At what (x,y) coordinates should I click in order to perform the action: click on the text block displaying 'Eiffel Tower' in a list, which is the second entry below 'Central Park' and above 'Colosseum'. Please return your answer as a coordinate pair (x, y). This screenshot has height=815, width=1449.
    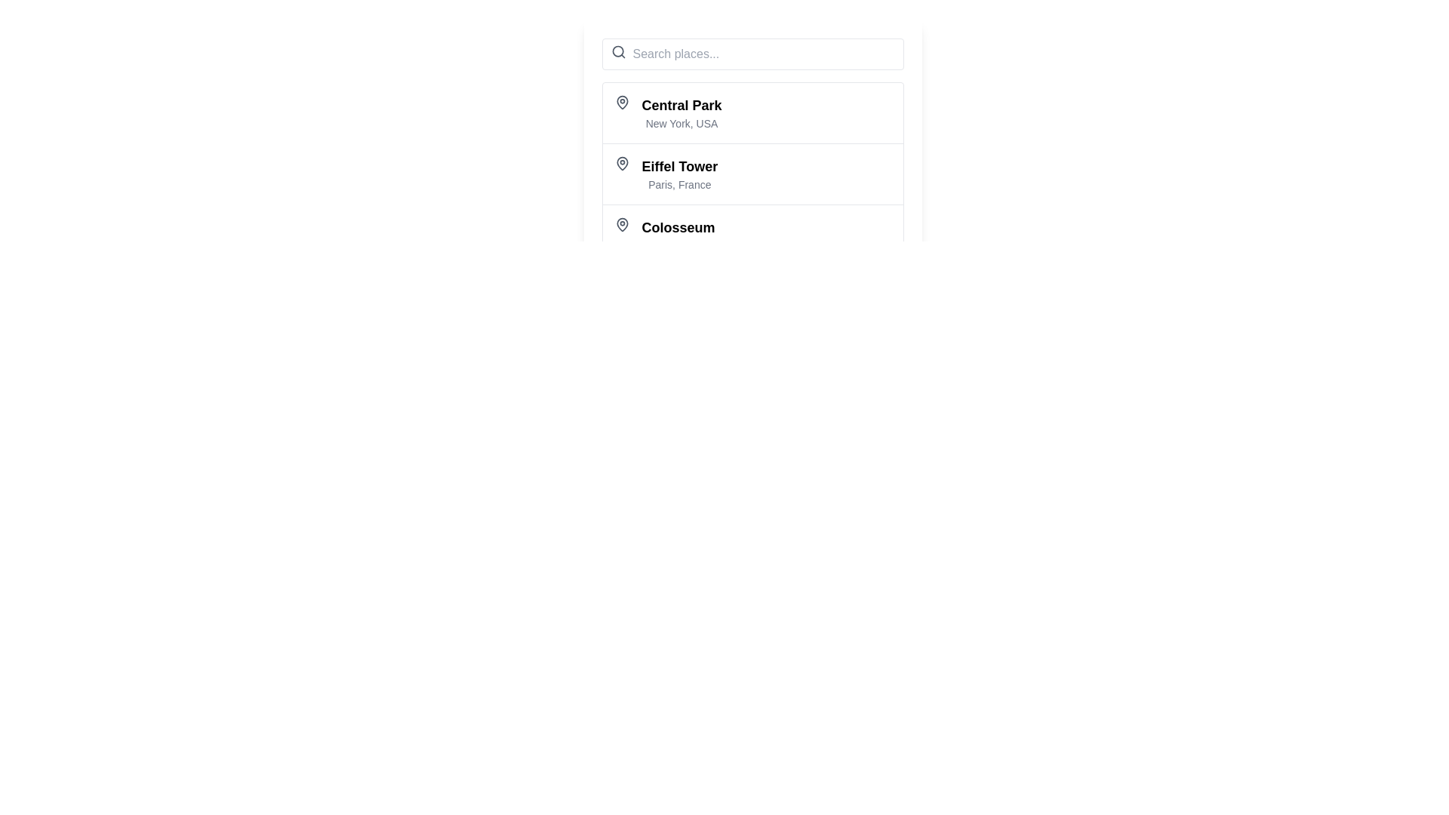
    Looking at the image, I should click on (678, 174).